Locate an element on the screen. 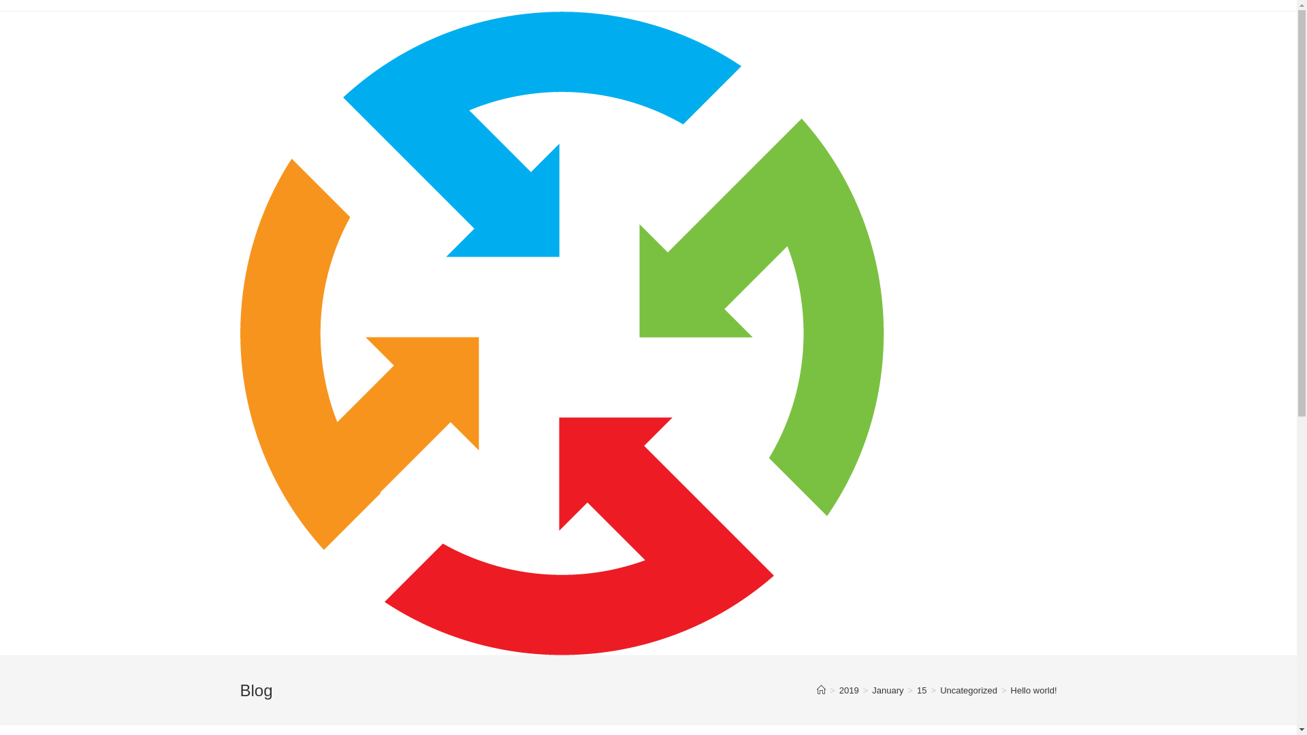 This screenshot has width=1307, height=735. '2019' is located at coordinates (848, 690).